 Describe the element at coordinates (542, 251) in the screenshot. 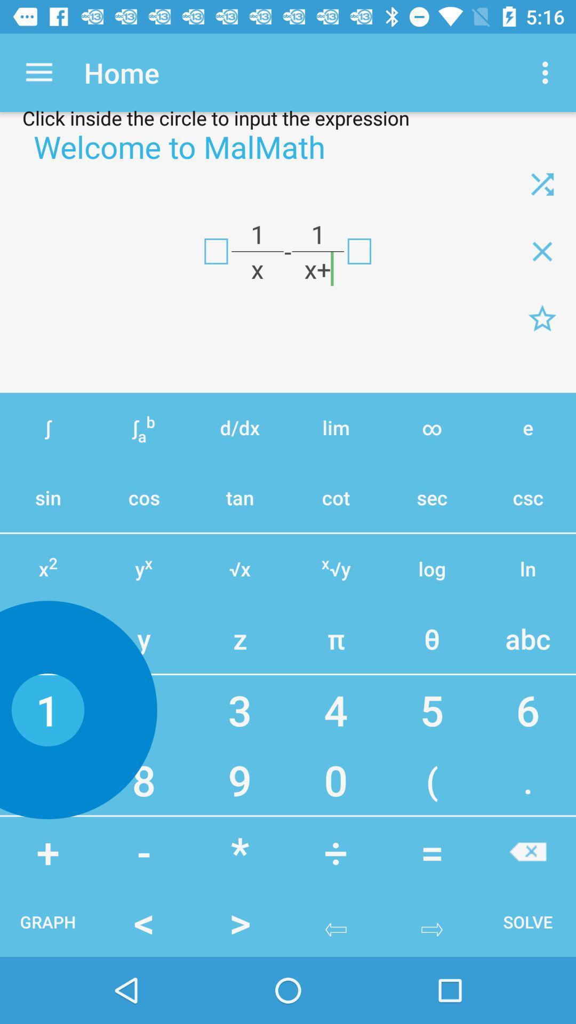

I see `multiplecation` at that location.